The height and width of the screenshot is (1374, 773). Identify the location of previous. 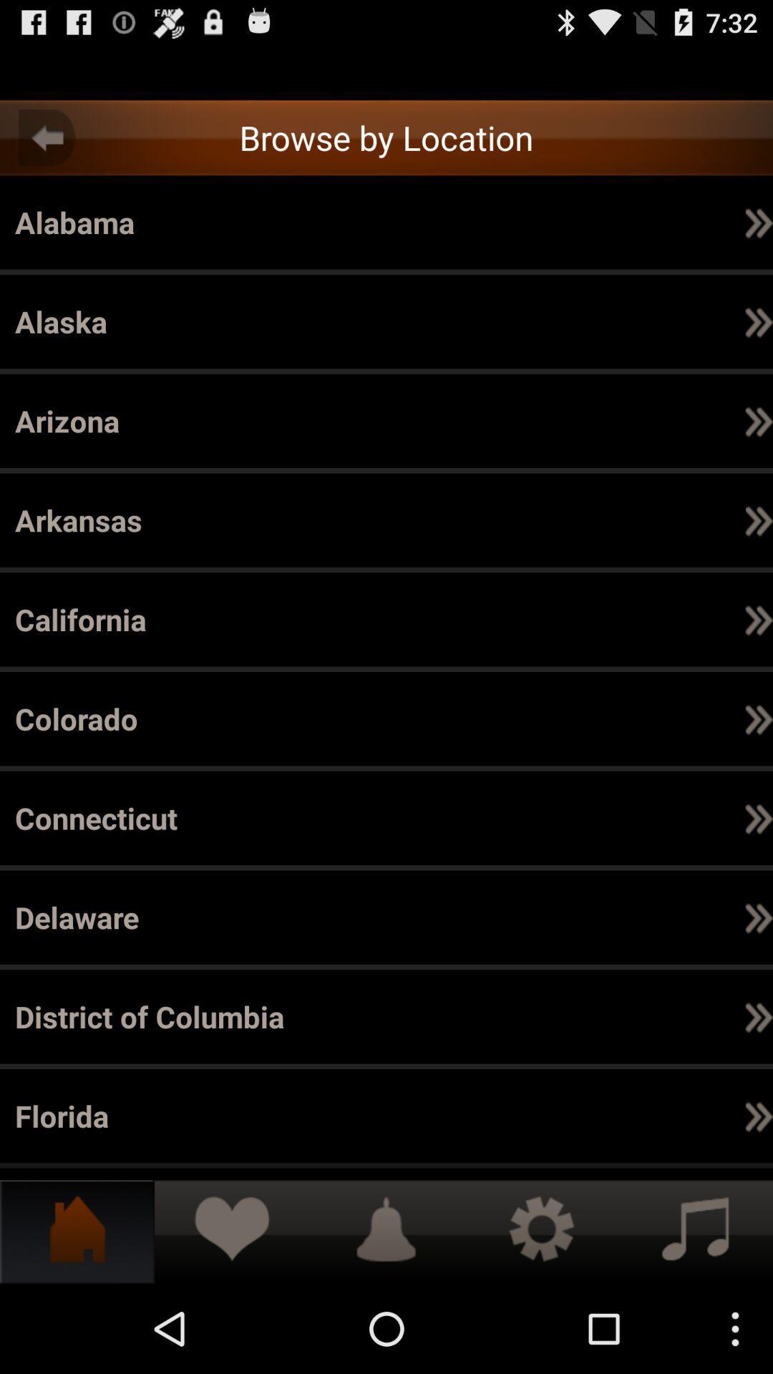
(46, 137).